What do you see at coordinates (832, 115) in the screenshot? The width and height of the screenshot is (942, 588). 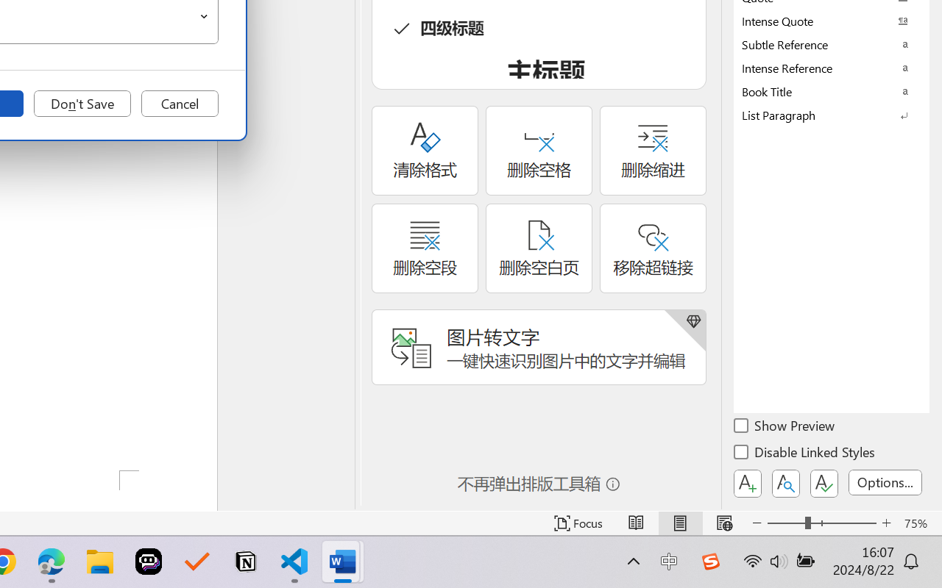 I see `'List Paragraph'` at bounding box center [832, 115].